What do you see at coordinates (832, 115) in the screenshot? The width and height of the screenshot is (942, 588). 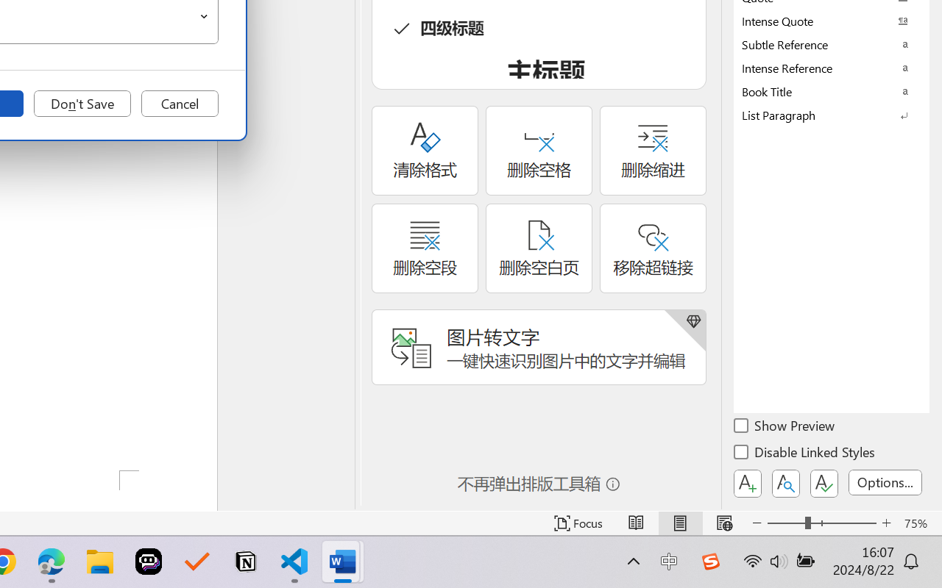 I see `'List Paragraph'` at bounding box center [832, 115].